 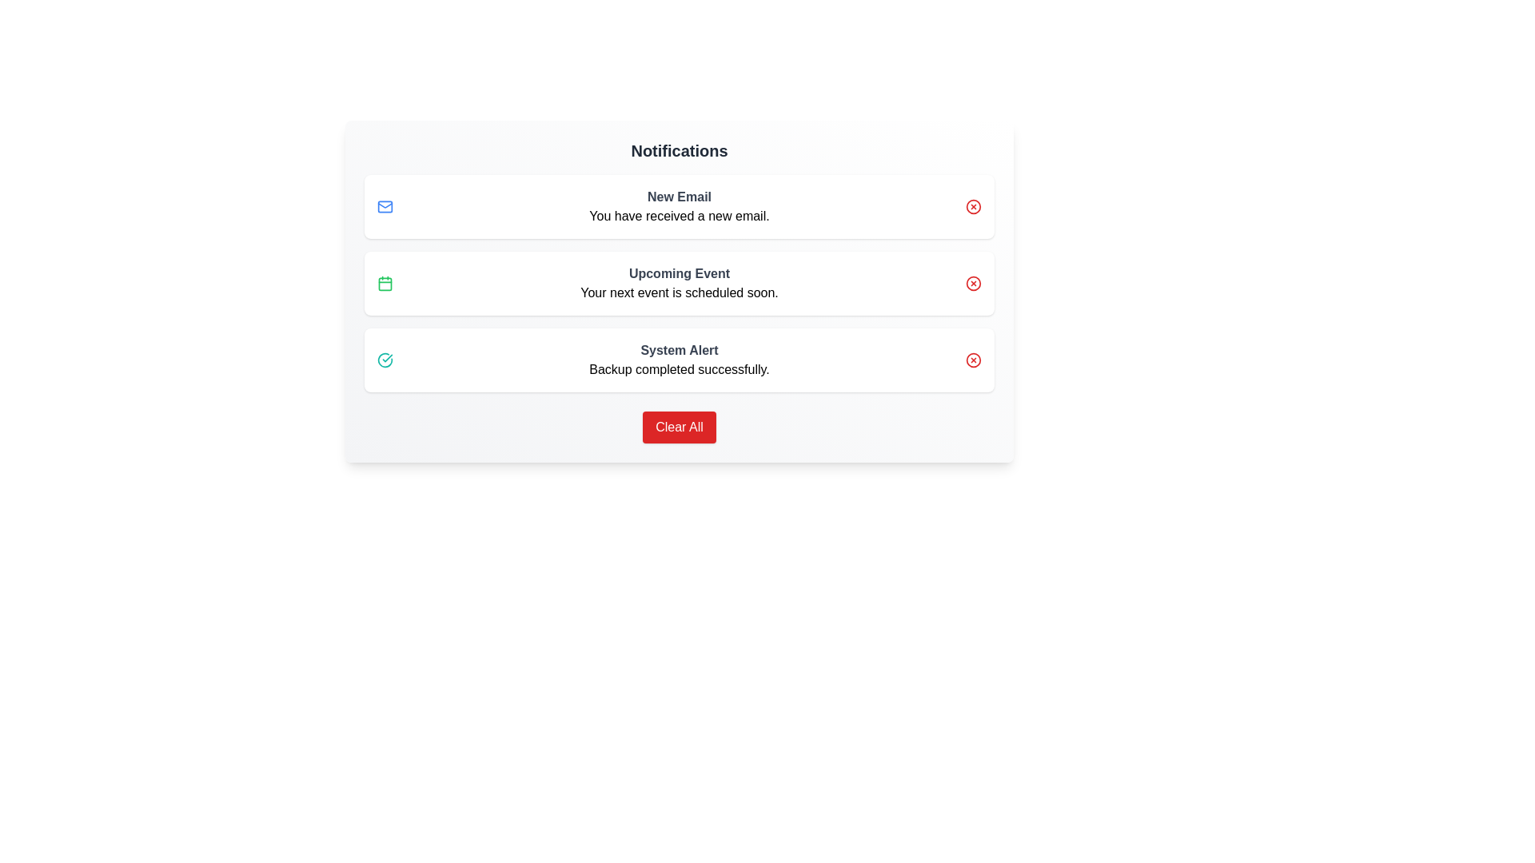 What do you see at coordinates (679, 360) in the screenshot?
I see `notification card labeled 'System Alert' that confirms 'Backup completed successfully.' It is the third card in a vertically stacked list located under 'Upcoming Event.'` at bounding box center [679, 360].